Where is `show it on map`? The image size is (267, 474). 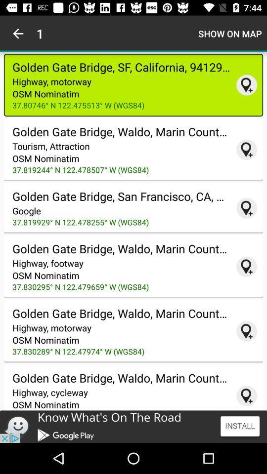 show it on map is located at coordinates (246, 208).